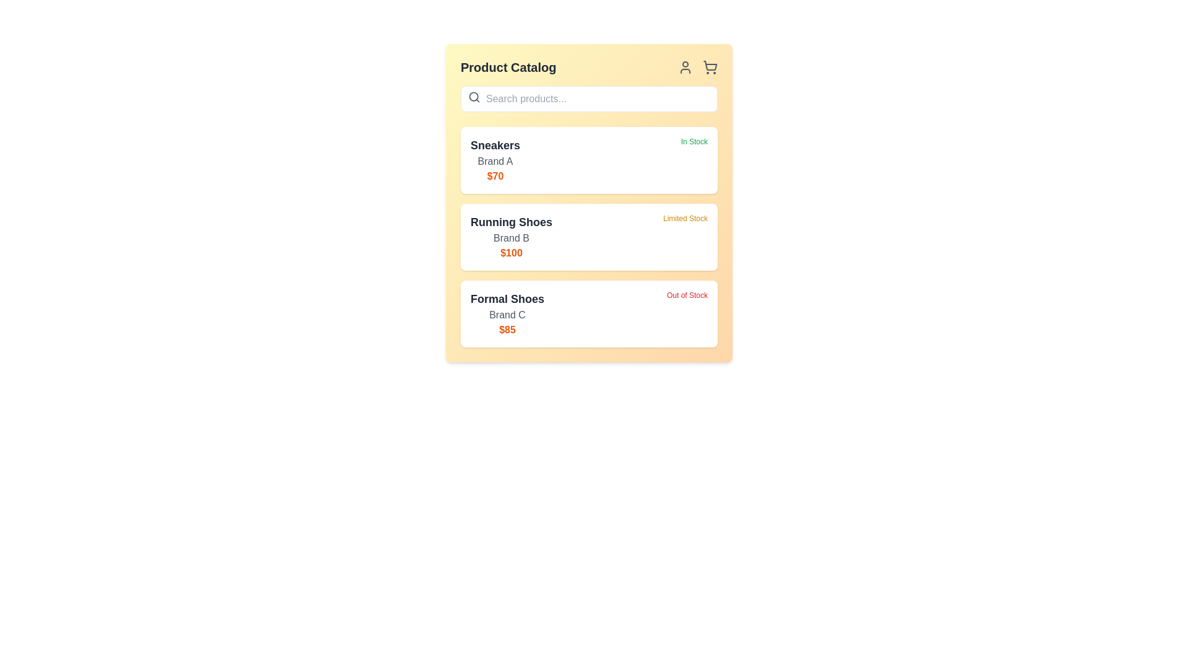  I want to click on the first product item displayed in the product catalog interface, which provides an overview of a product including its name, brand, price, and stock status, so click(588, 159).